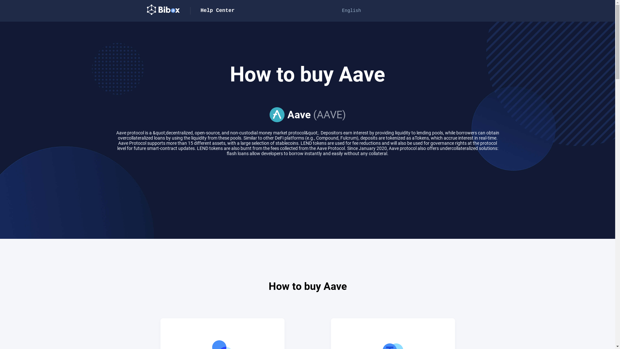 The width and height of the screenshot is (620, 349). I want to click on 'Help Center', so click(200, 11).